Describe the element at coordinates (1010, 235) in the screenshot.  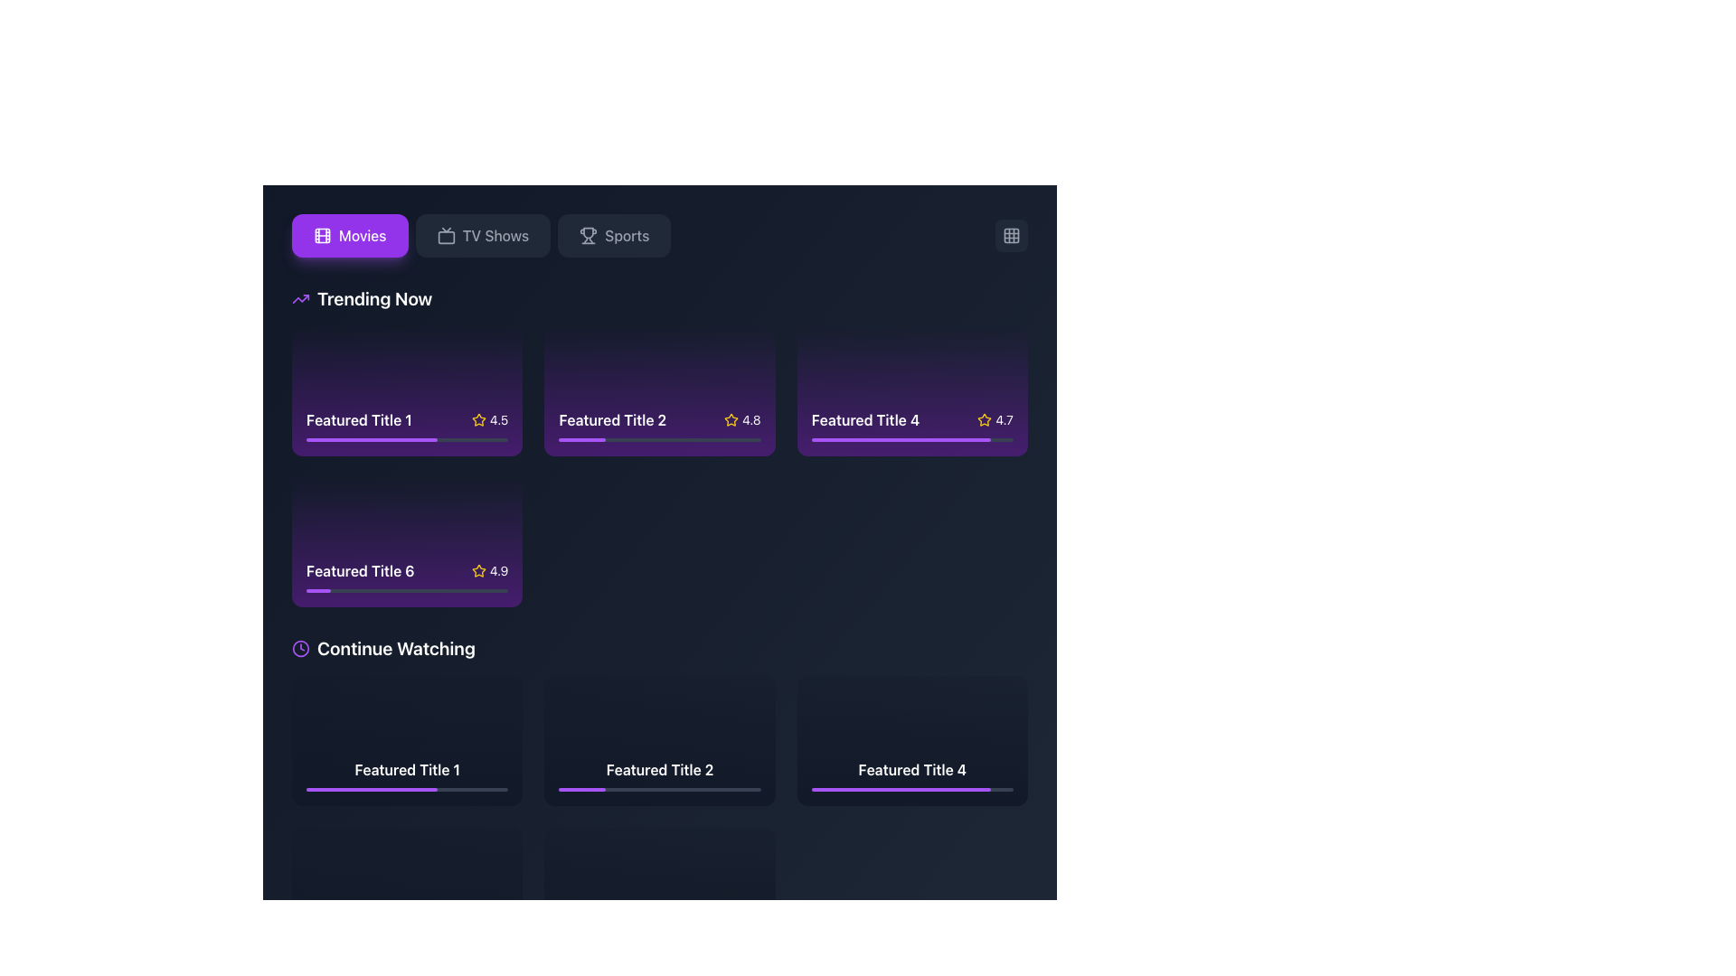
I see `the central square icon in the 3x3 grid layout, which is styled with a grayish fill and rounded corners` at that location.